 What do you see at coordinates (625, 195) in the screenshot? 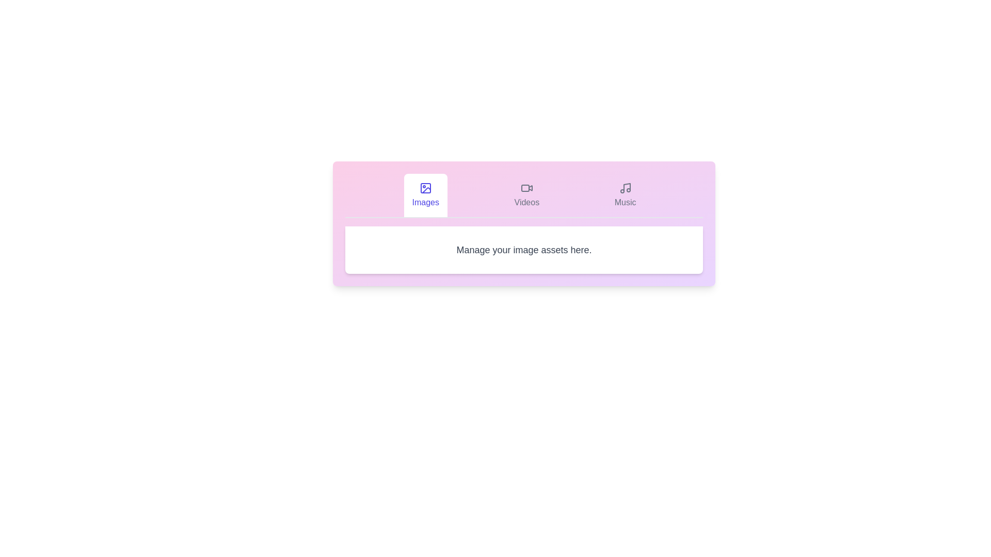
I see `the tab labeled Music to view its tooltip` at bounding box center [625, 195].